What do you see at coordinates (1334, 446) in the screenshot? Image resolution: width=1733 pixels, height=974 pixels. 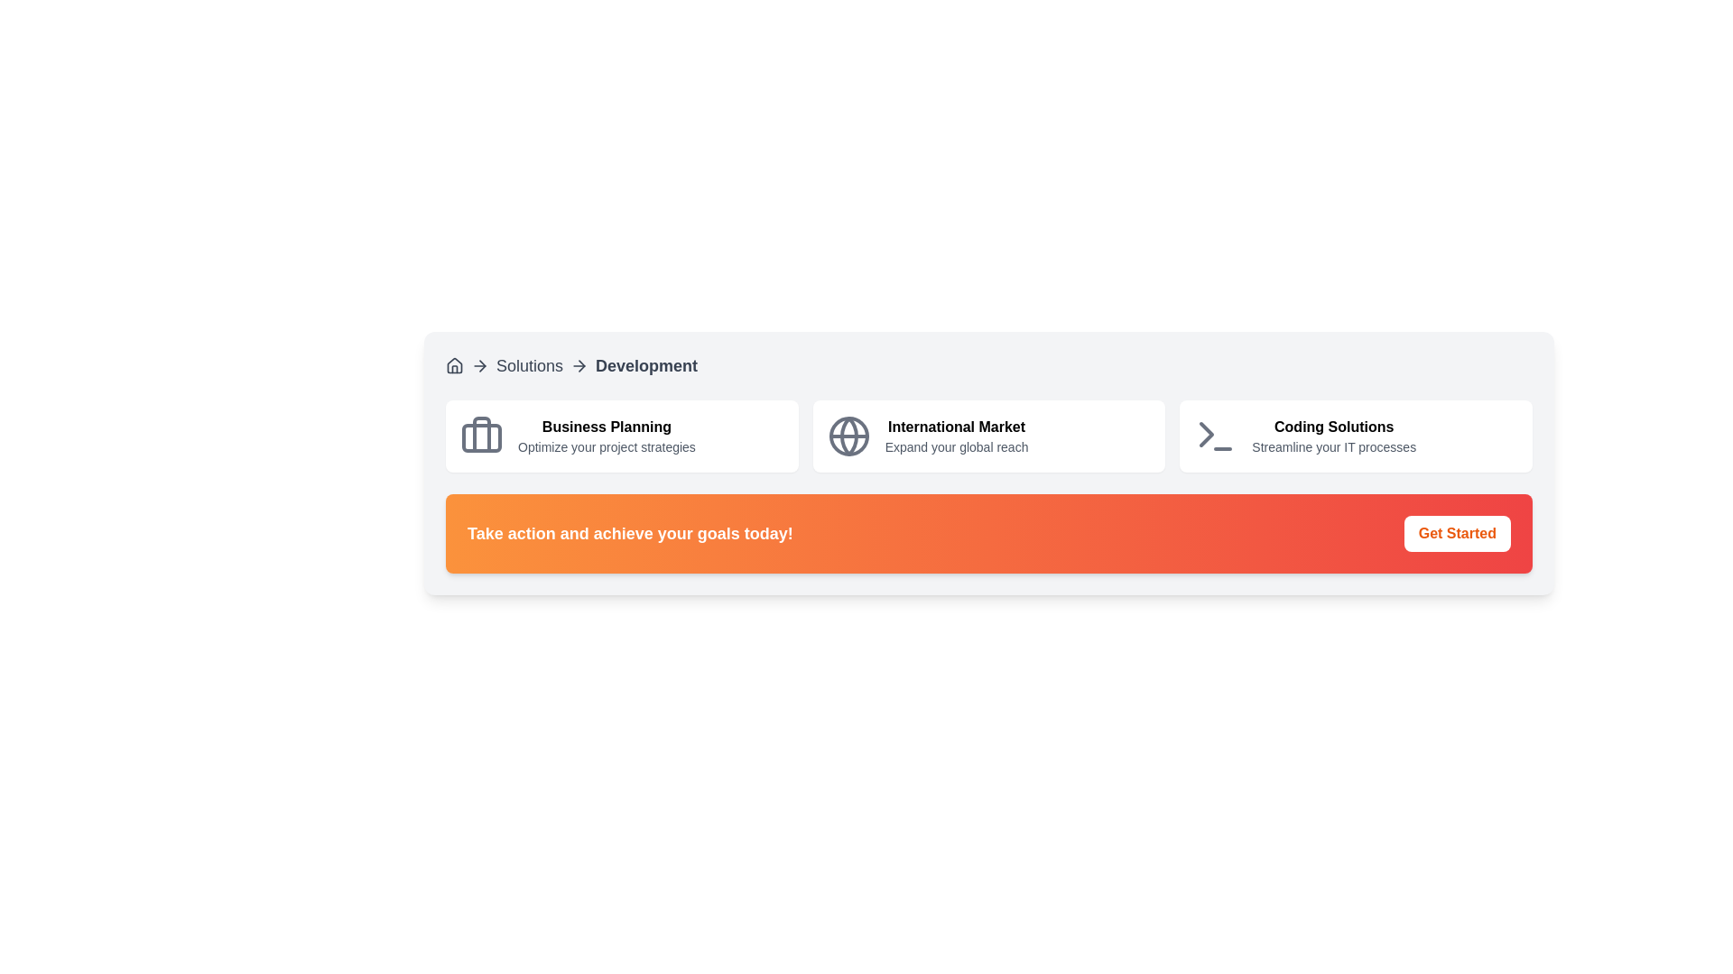 I see `the static text component that provides additional information about the 'Coding Solutions' section, located at the bottom-most part of the rightmost card` at bounding box center [1334, 446].